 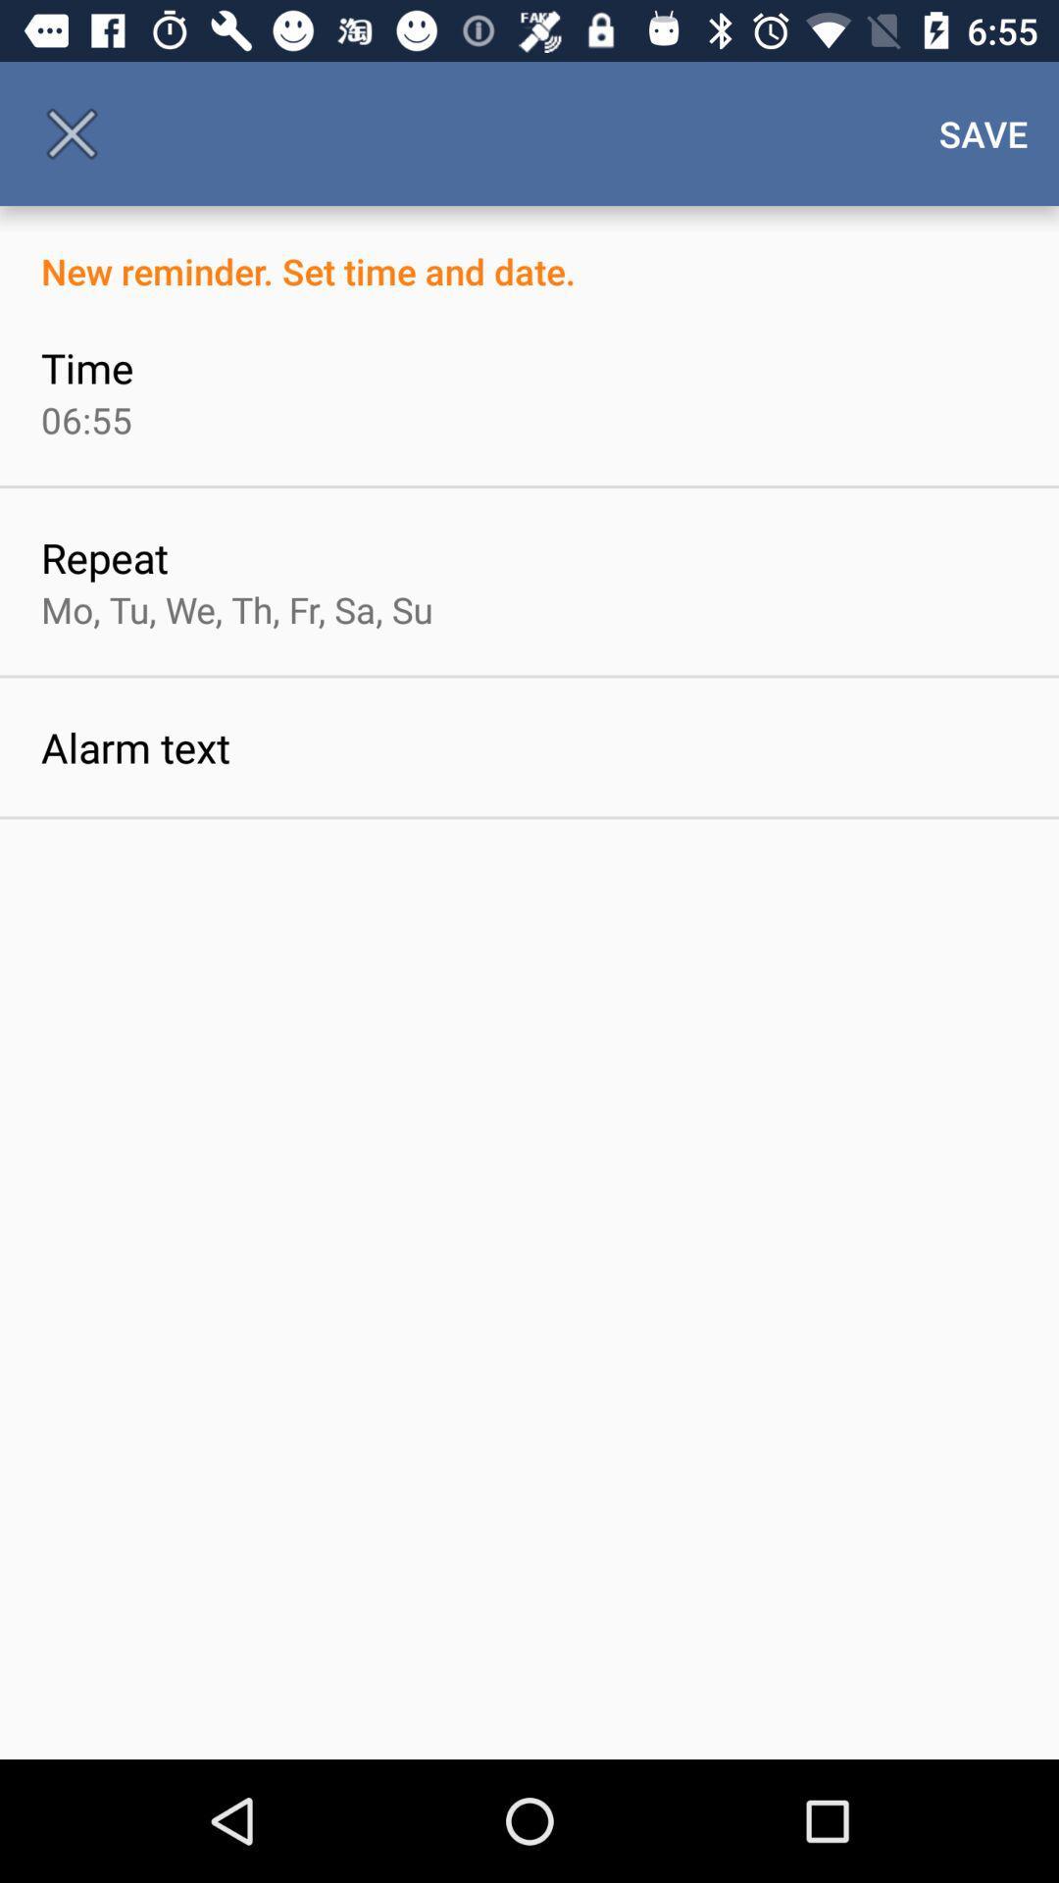 What do you see at coordinates (104, 556) in the screenshot?
I see `icon above mo tu we` at bounding box center [104, 556].